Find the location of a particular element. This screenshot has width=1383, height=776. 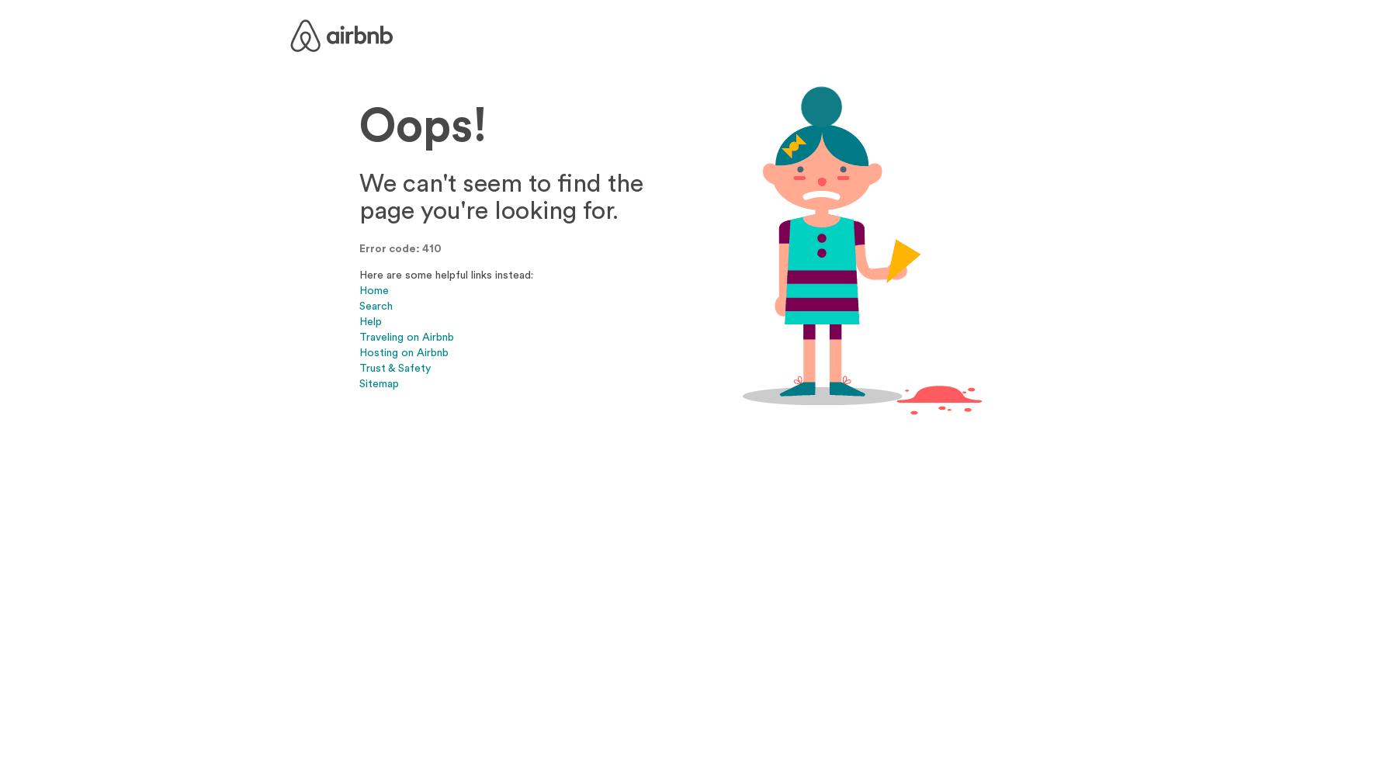

'Trust & Safety' is located at coordinates (358, 366).